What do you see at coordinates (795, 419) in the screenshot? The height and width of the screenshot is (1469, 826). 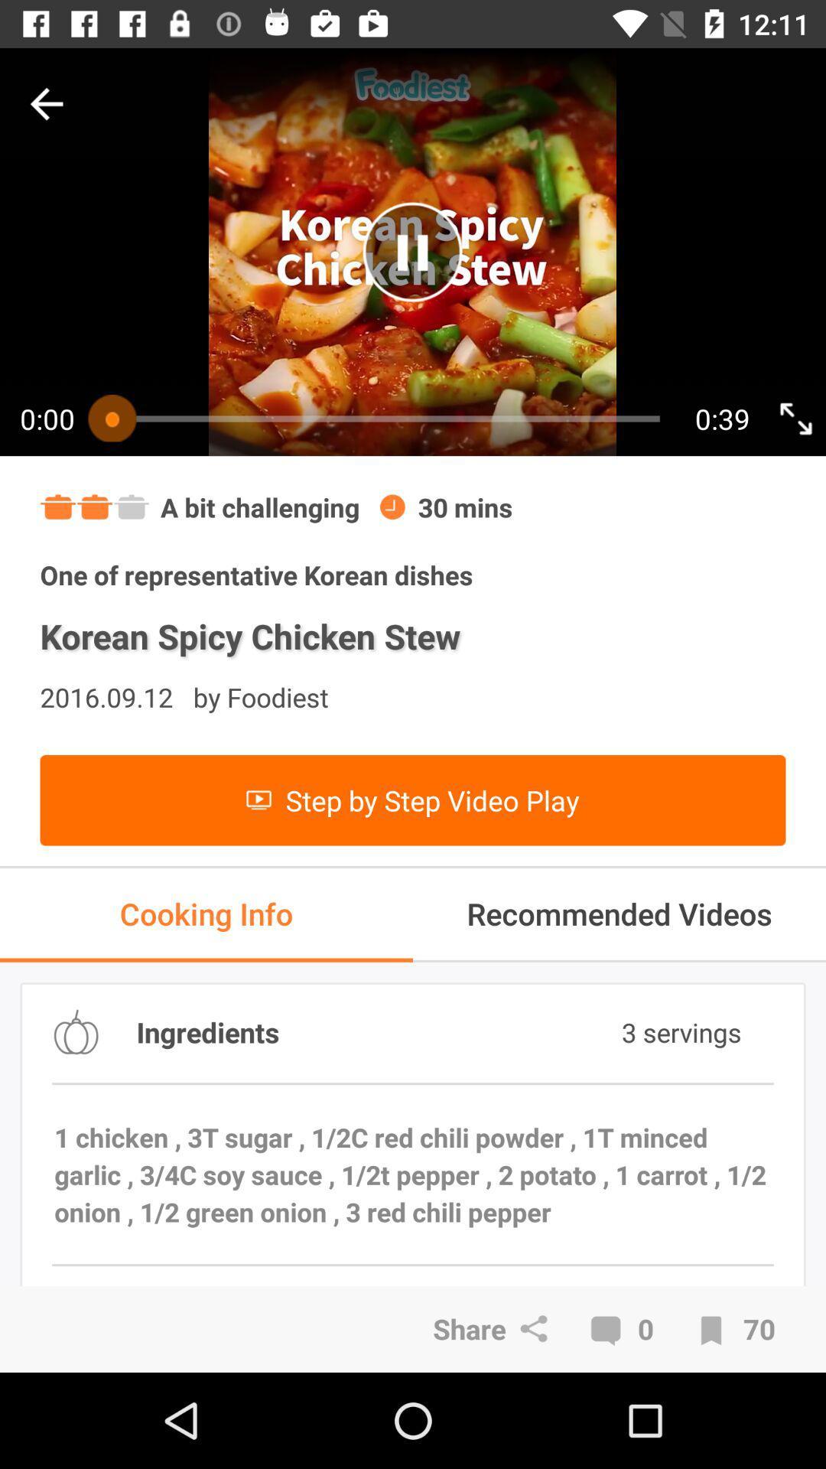 I see `make fullscreen` at bounding box center [795, 419].